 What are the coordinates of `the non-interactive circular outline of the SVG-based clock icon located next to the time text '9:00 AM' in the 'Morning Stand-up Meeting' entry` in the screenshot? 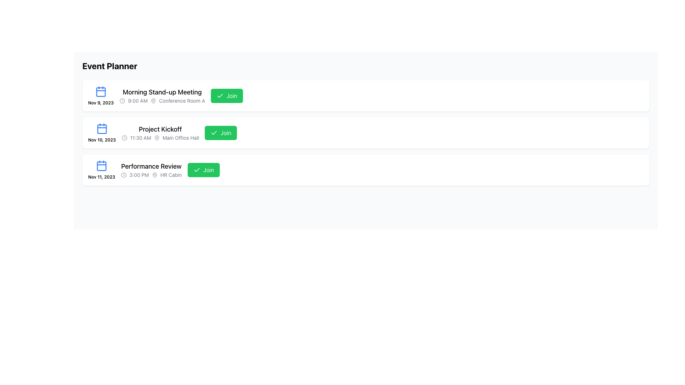 It's located at (122, 101).